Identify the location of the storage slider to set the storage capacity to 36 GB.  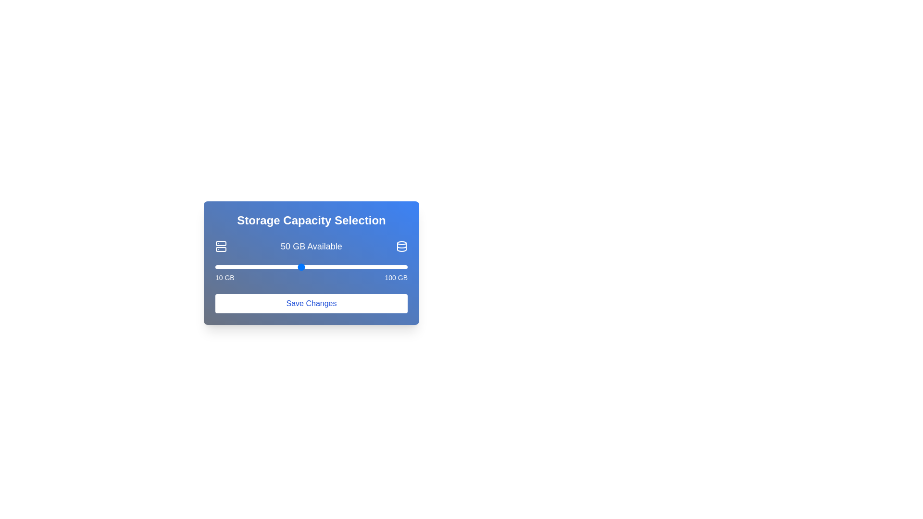
(270, 267).